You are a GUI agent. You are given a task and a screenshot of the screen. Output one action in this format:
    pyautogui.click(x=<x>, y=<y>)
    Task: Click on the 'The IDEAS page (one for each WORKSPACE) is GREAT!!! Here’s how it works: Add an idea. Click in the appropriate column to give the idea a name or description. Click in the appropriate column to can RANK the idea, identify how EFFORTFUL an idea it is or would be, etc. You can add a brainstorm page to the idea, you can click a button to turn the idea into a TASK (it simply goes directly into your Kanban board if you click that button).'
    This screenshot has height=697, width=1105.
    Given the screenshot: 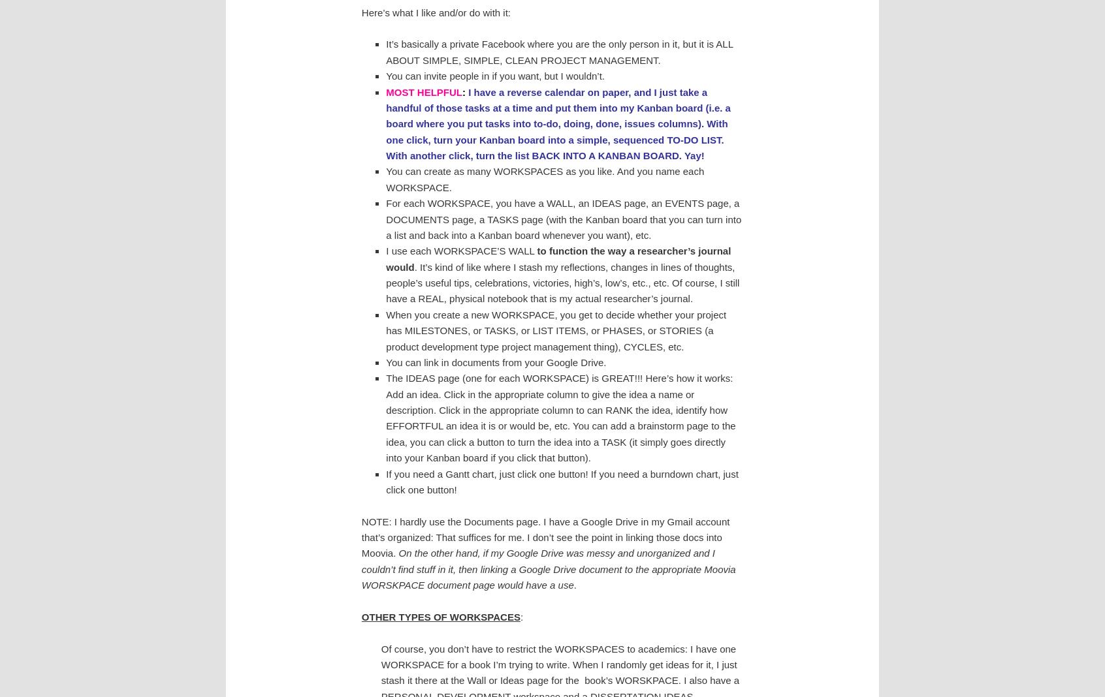 What is the action you would take?
    pyautogui.click(x=560, y=417)
    